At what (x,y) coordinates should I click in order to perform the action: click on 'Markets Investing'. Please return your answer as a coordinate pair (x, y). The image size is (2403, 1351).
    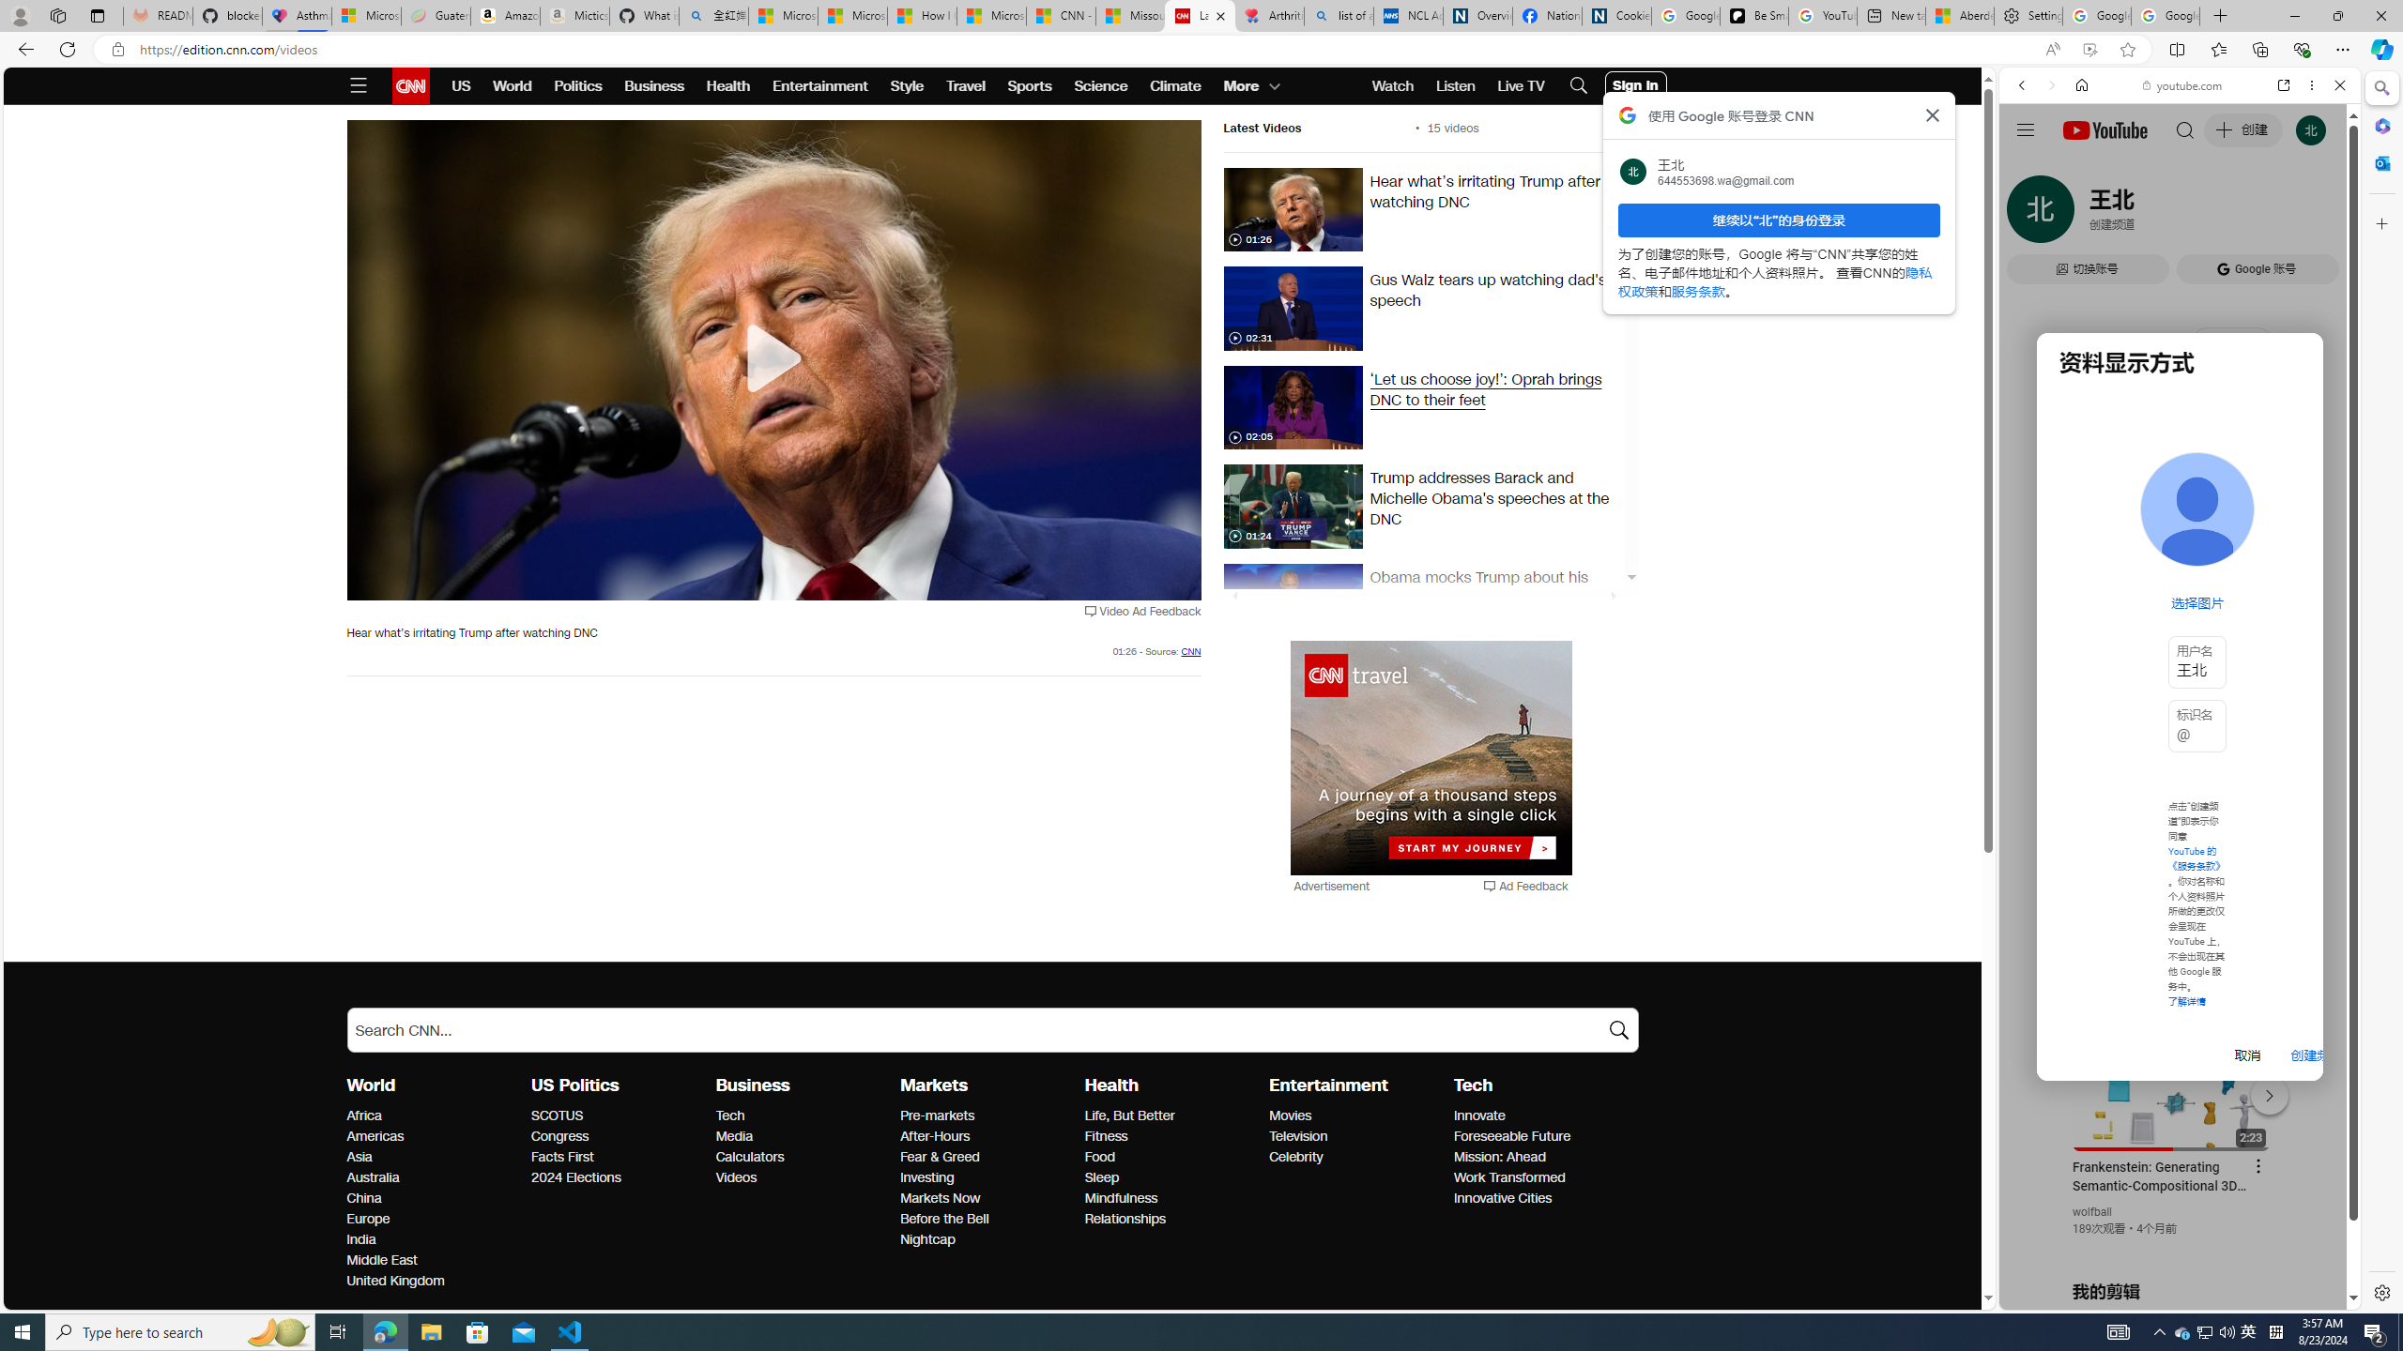
    Looking at the image, I should click on (926, 1176).